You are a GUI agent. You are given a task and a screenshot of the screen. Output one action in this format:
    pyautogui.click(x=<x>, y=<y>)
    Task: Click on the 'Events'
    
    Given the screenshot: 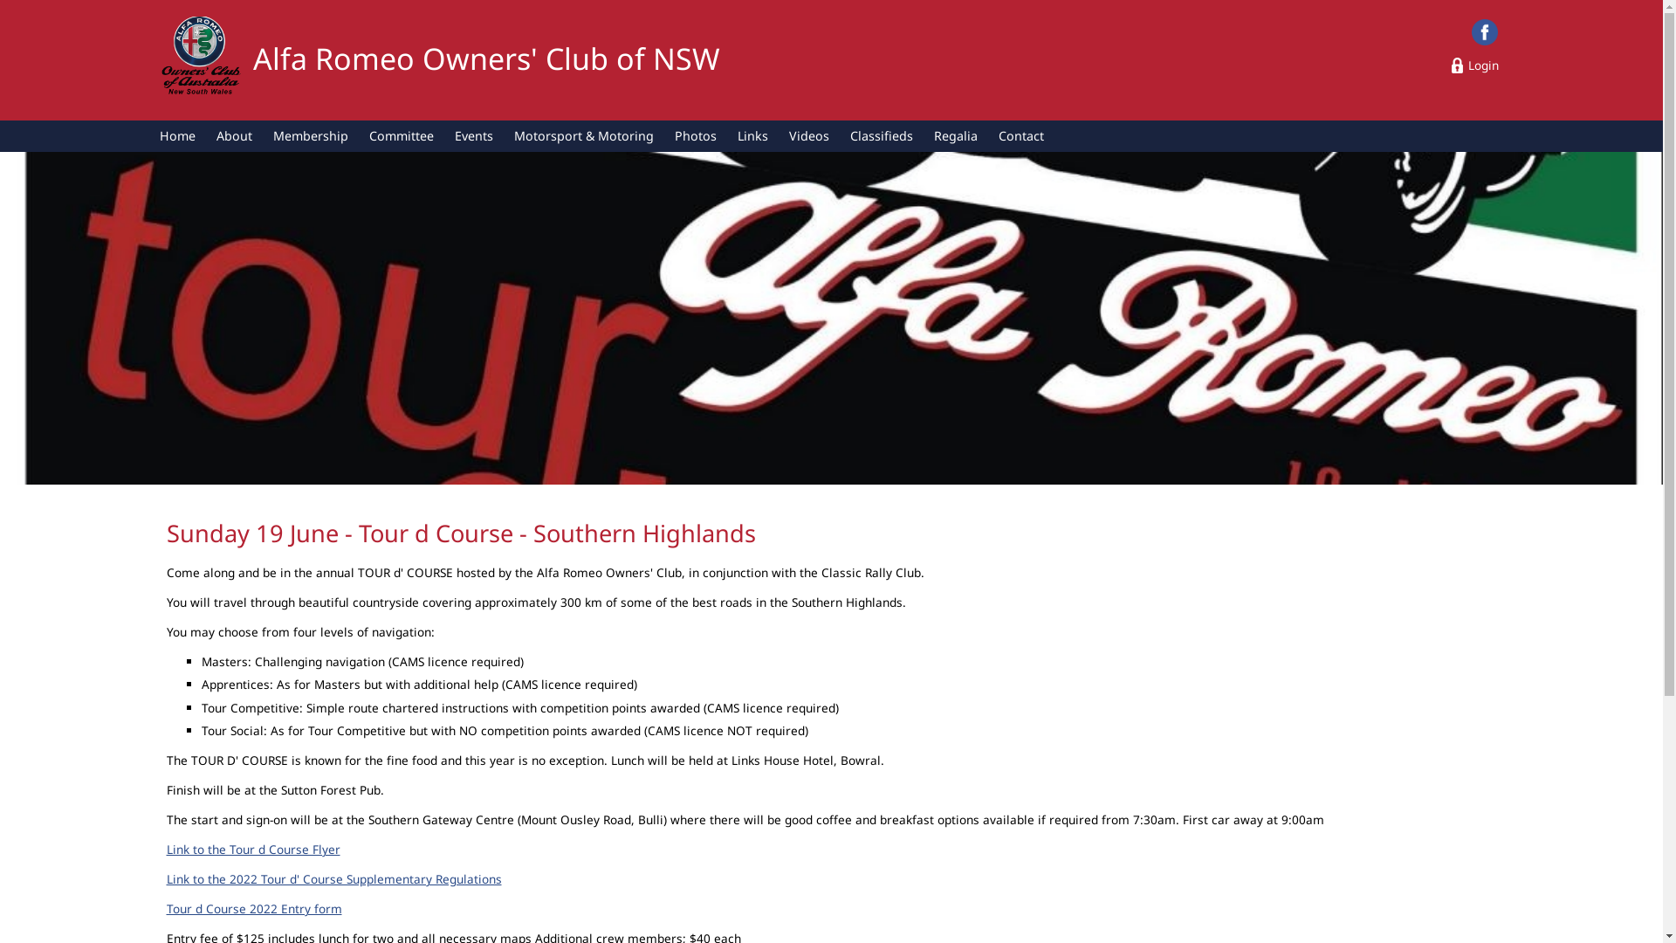 What is the action you would take?
    pyautogui.click(x=473, y=134)
    